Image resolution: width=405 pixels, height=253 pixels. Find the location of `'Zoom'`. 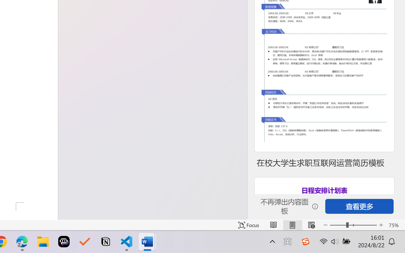

'Zoom' is located at coordinates (353, 225).